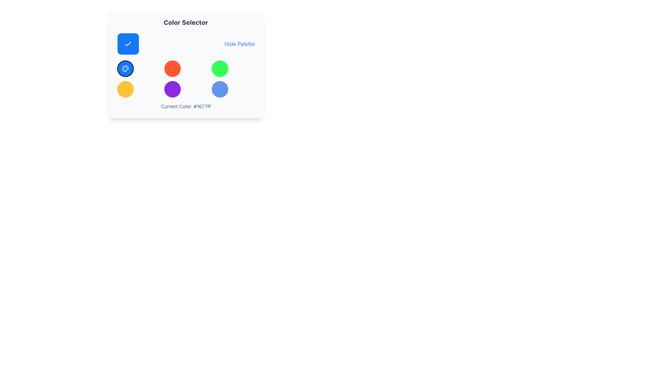 The height and width of the screenshot is (371, 660). Describe the element at coordinates (125, 69) in the screenshot. I see `the small white palette icon located on the blue circular button, which is the second button in a vertical stack on the left side of the color selector panel` at that location.